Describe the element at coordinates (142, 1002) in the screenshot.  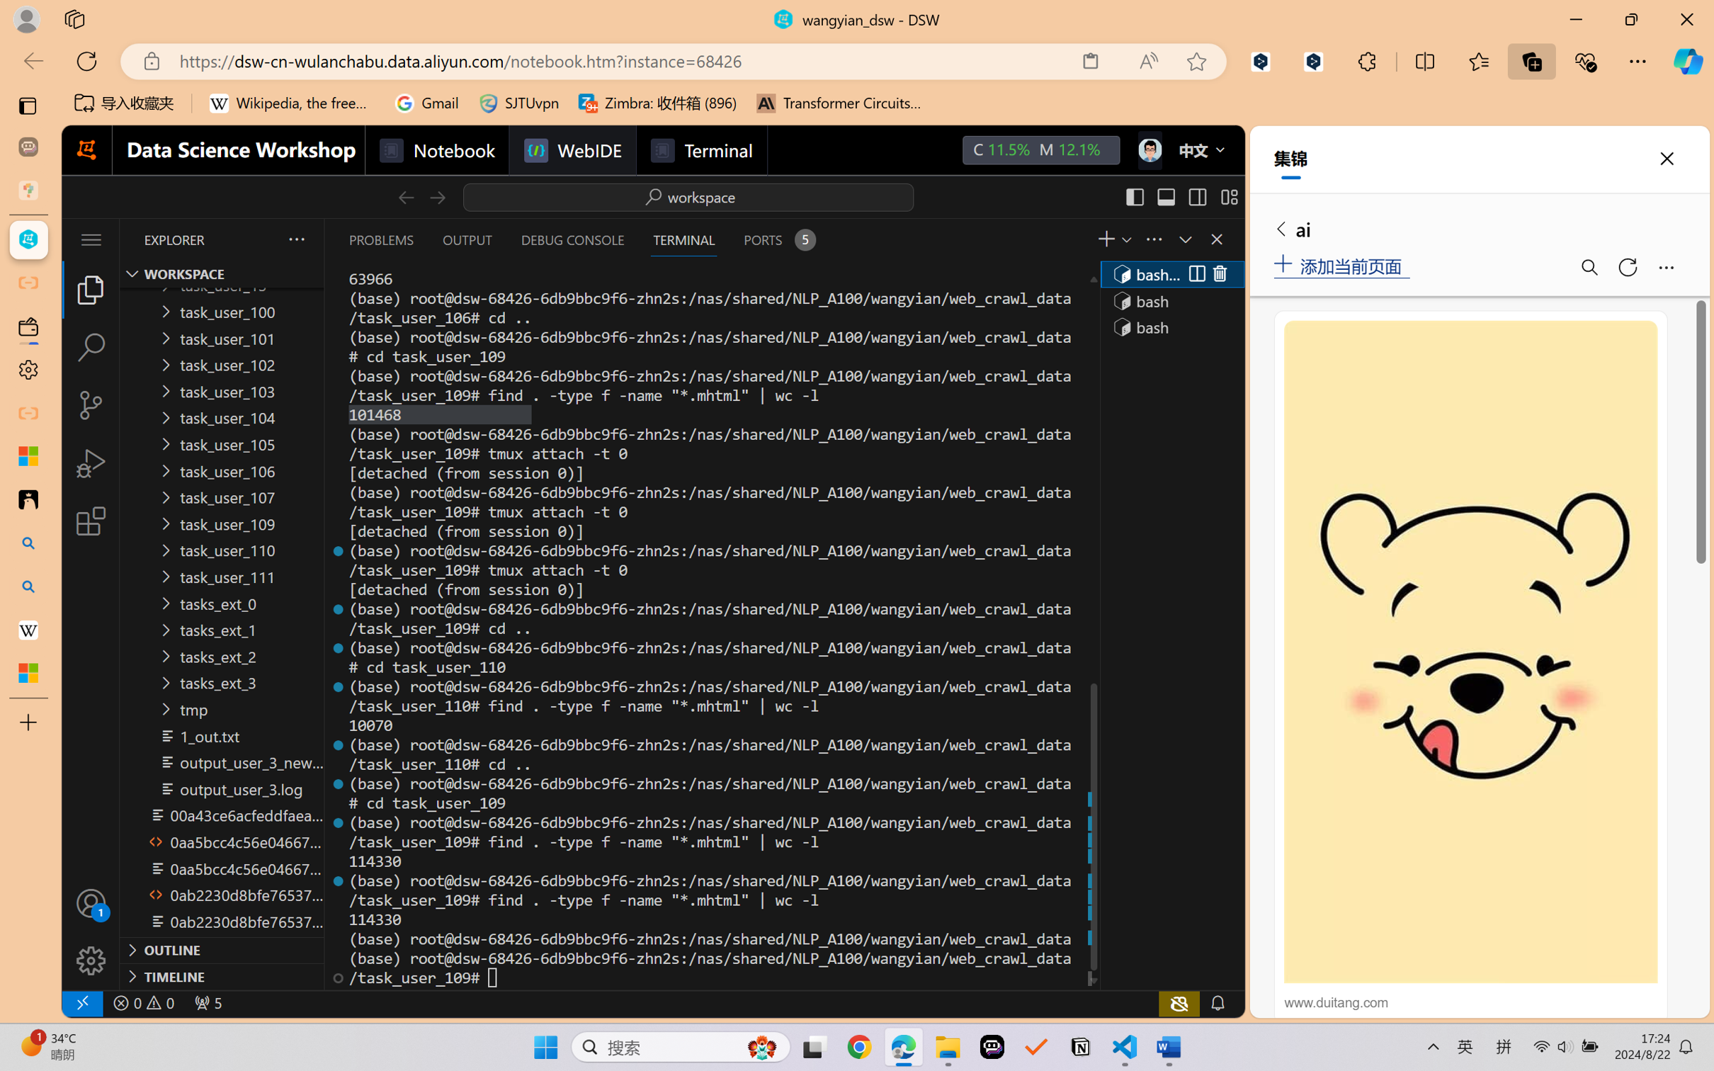
I see `'No Problems'` at that location.